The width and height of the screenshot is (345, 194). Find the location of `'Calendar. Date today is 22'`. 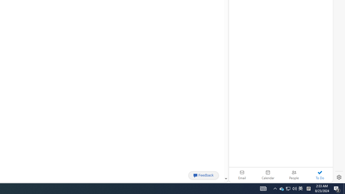

'Calendar. Date today is 22' is located at coordinates (268, 175).